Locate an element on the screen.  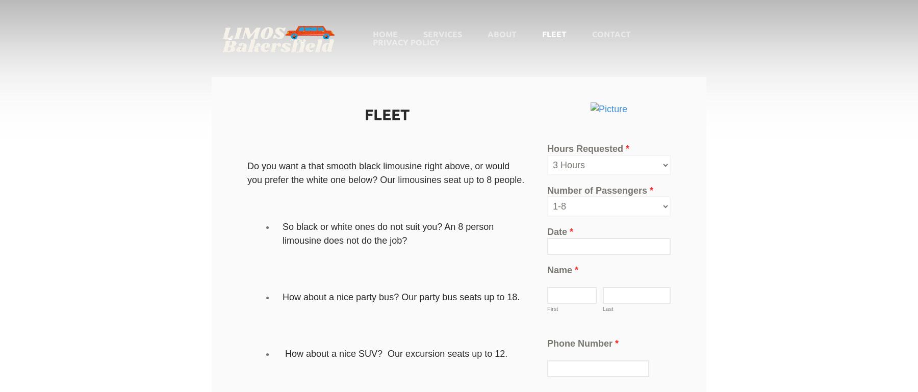
'Phone Number' is located at coordinates (580, 343).